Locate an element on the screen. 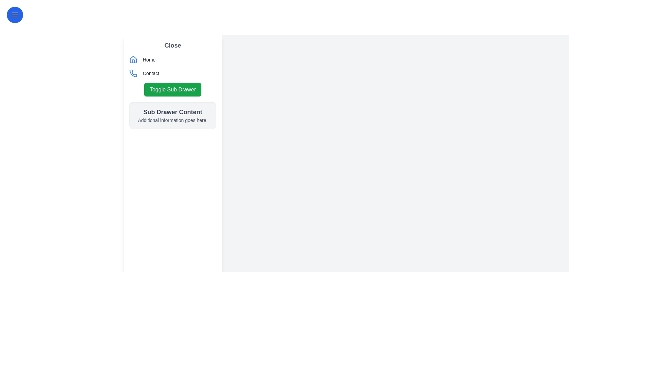 Image resolution: width=653 pixels, height=367 pixels. the 'Home' label in light gray color, located to the right of the house icon in the left sidebar is located at coordinates (149, 59).